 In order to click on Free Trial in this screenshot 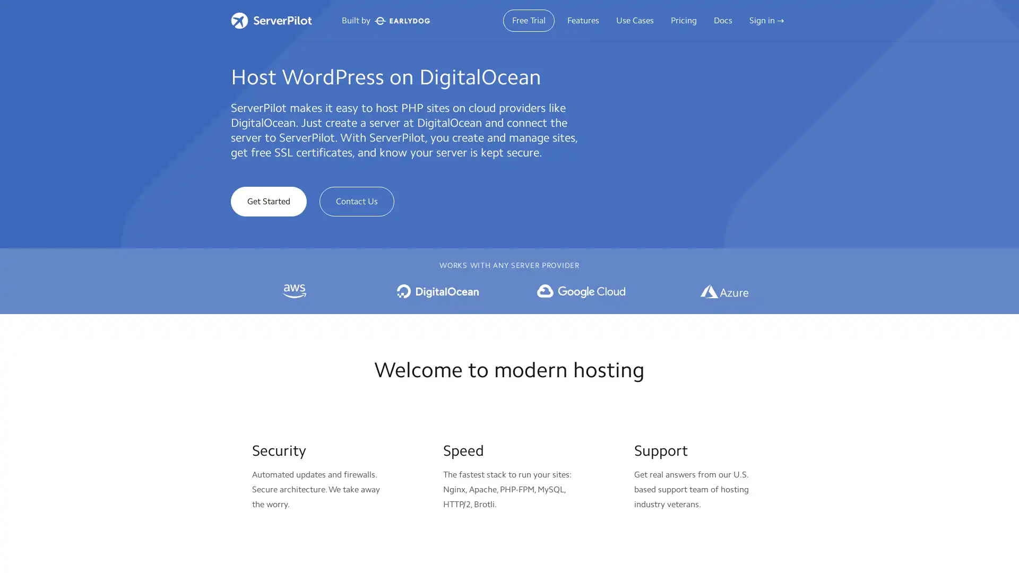, I will do `click(529, 20)`.